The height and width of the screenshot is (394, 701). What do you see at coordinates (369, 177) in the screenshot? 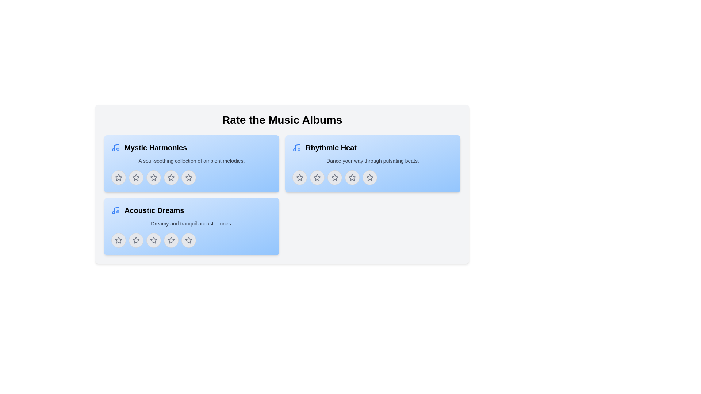
I see `the fourth star icon in the rating section of the 'Rhythmic Heat' card to rate this level` at bounding box center [369, 177].